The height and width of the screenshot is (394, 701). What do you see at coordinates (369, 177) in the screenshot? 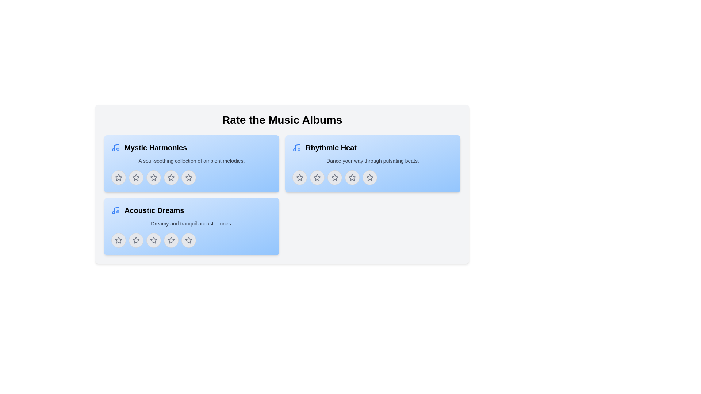
I see `the fourth star icon in the rating section of the 'Rhythmic Heat' card to rate this level` at bounding box center [369, 177].